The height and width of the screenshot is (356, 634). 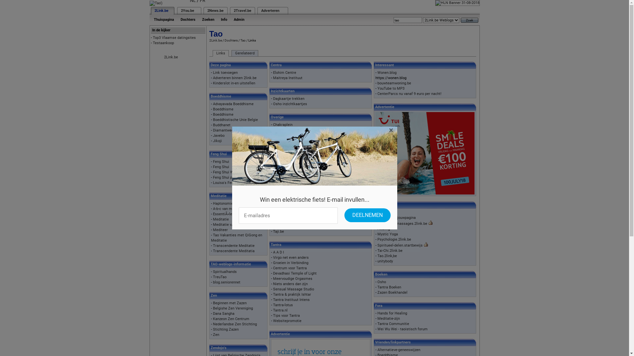 I want to click on 'blog.seniorennet', so click(x=226, y=282).